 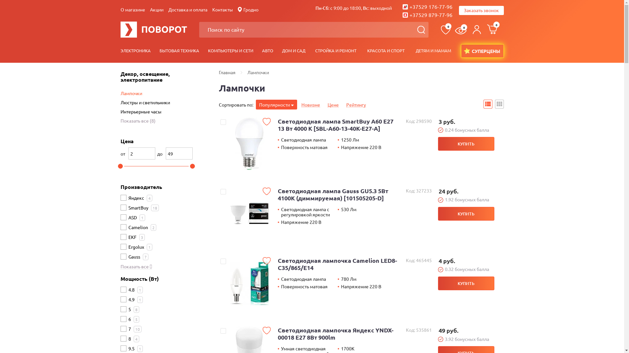 What do you see at coordinates (133, 309) in the screenshot?
I see `'5 8'` at bounding box center [133, 309].